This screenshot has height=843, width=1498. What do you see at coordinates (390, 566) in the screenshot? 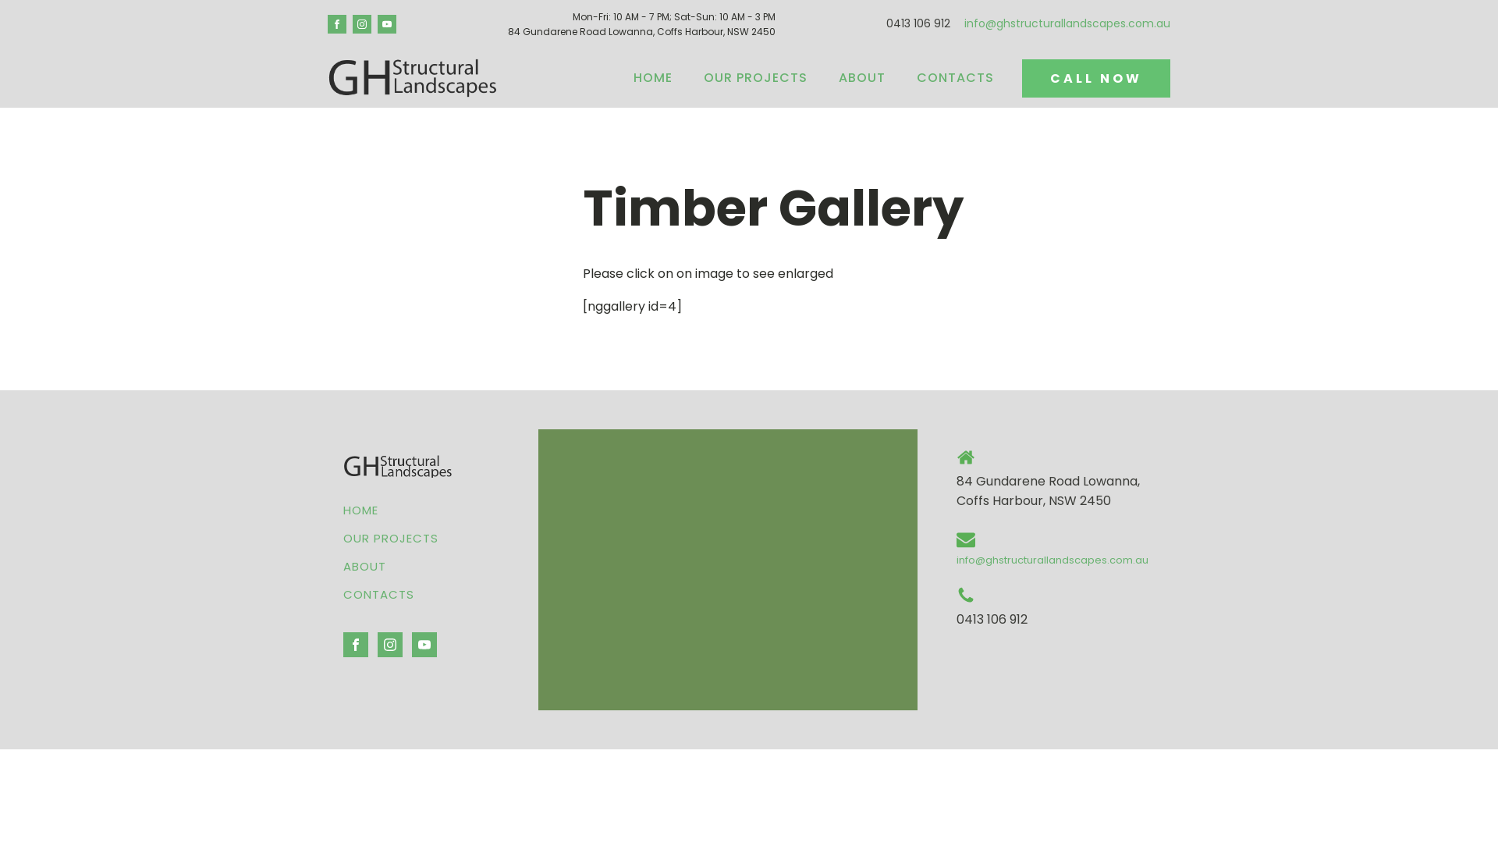
I see `'ABOUT'` at bounding box center [390, 566].